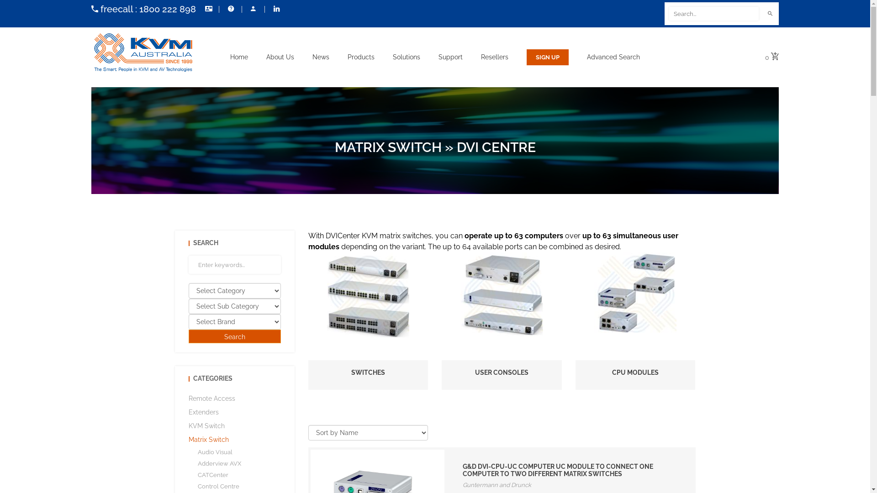  I want to click on '1800 222 898', so click(167, 9).